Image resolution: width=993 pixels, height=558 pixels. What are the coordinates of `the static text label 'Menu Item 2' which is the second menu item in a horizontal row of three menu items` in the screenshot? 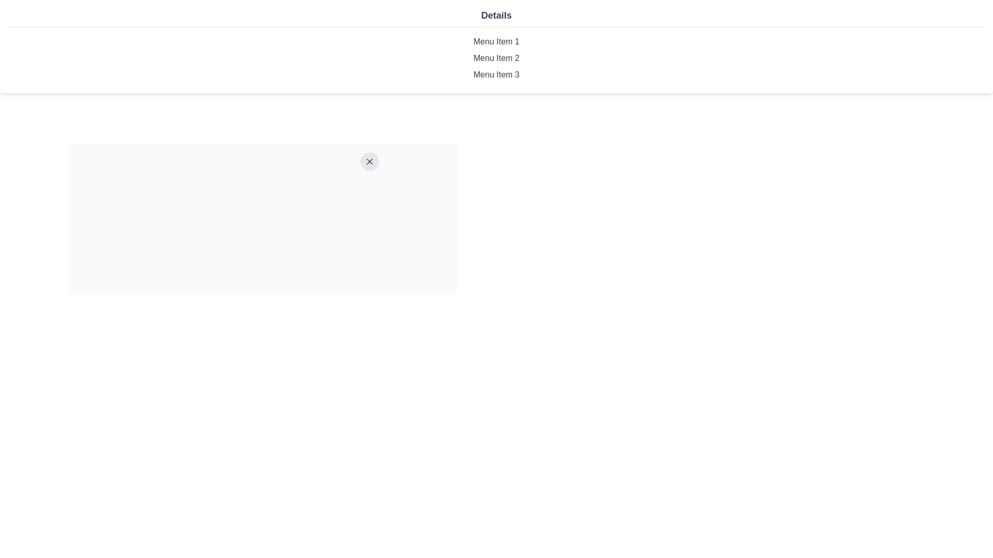 It's located at (496, 58).